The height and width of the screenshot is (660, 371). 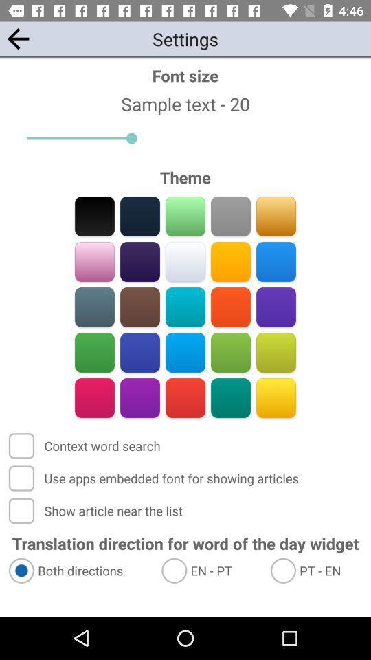 What do you see at coordinates (139, 352) in the screenshot?
I see `change theme color` at bounding box center [139, 352].